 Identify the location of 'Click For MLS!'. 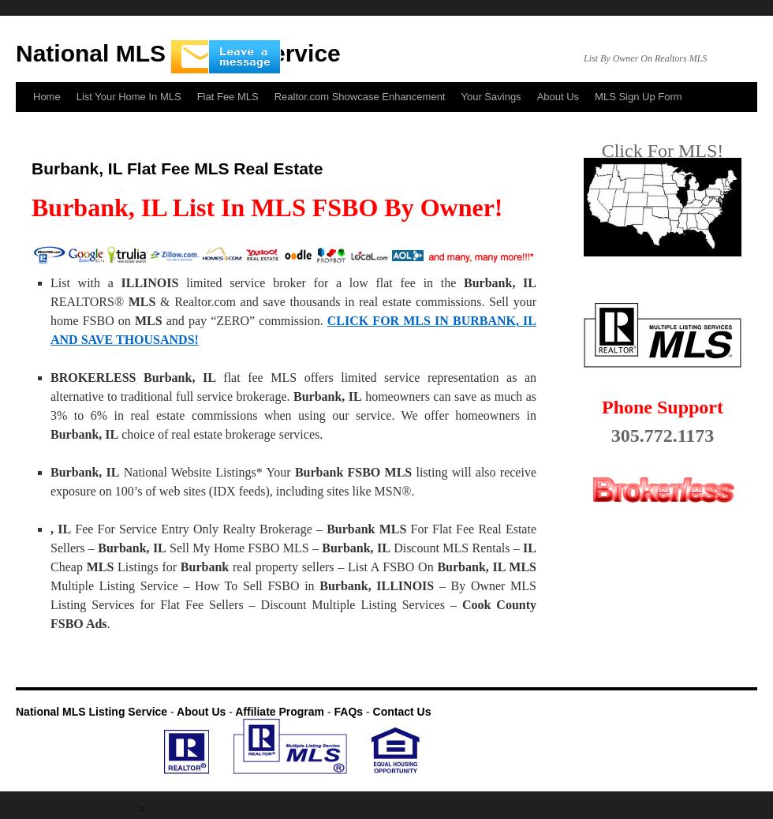
(662, 149).